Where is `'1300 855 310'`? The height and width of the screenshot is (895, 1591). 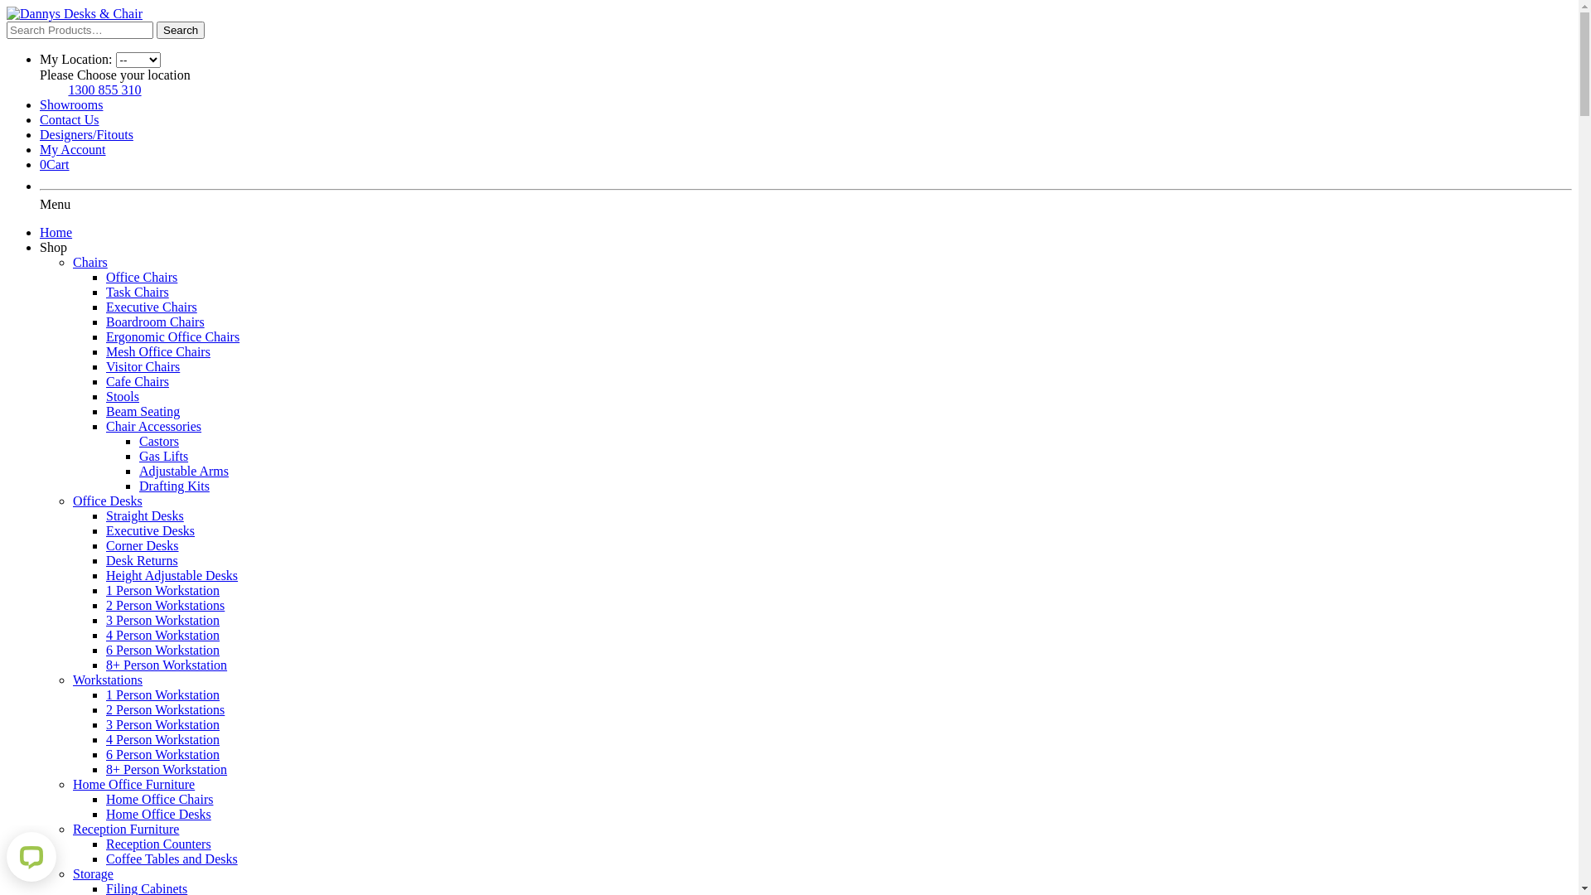
'1300 855 310' is located at coordinates (104, 89).